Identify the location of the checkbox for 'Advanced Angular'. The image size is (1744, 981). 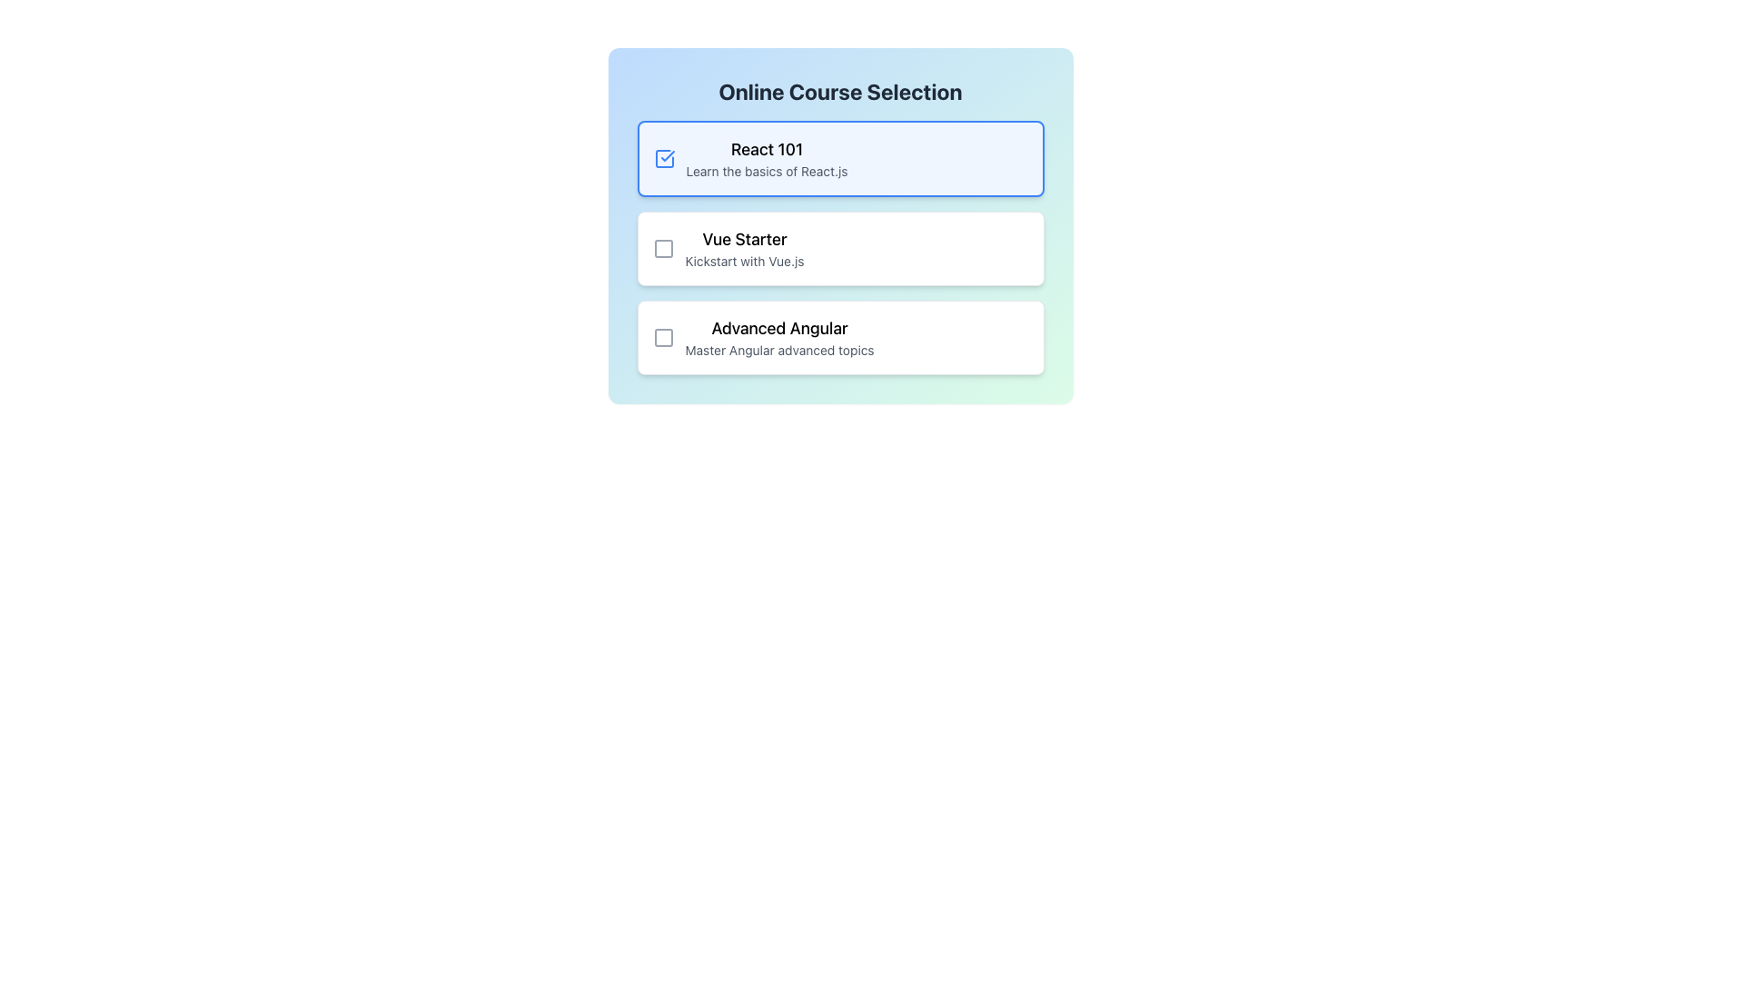
(662, 337).